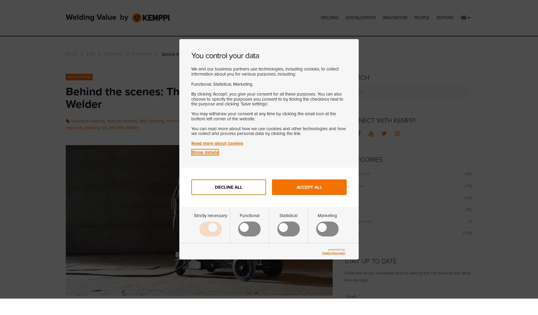 The height and width of the screenshot is (315, 538). Describe the element at coordinates (359, 296) in the screenshot. I see `'*'` at that location.